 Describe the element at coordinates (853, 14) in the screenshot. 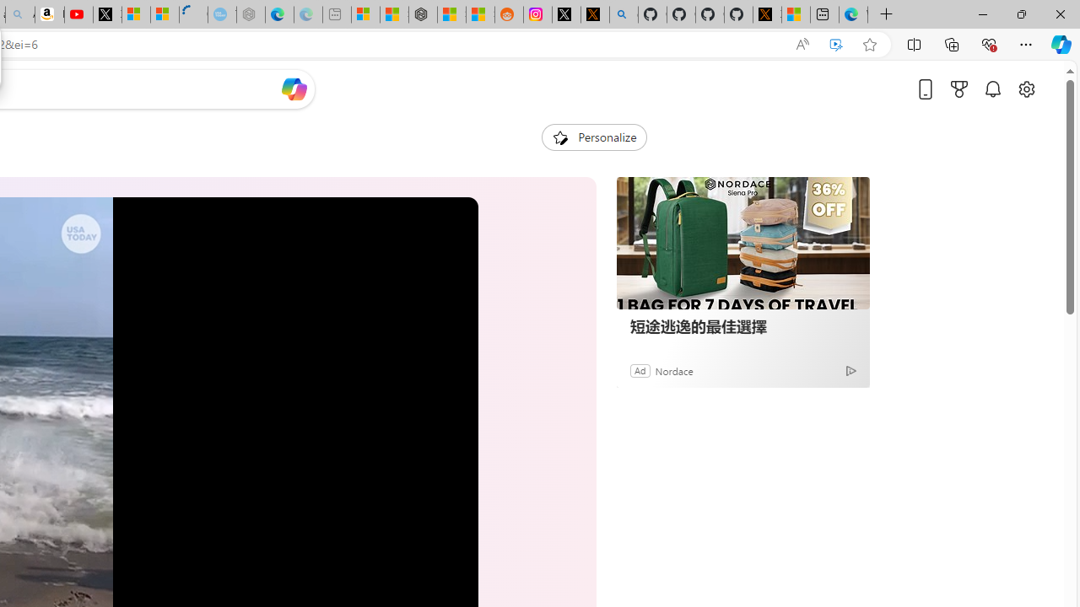

I see `'Welcome to Microsoft Edge'` at that location.